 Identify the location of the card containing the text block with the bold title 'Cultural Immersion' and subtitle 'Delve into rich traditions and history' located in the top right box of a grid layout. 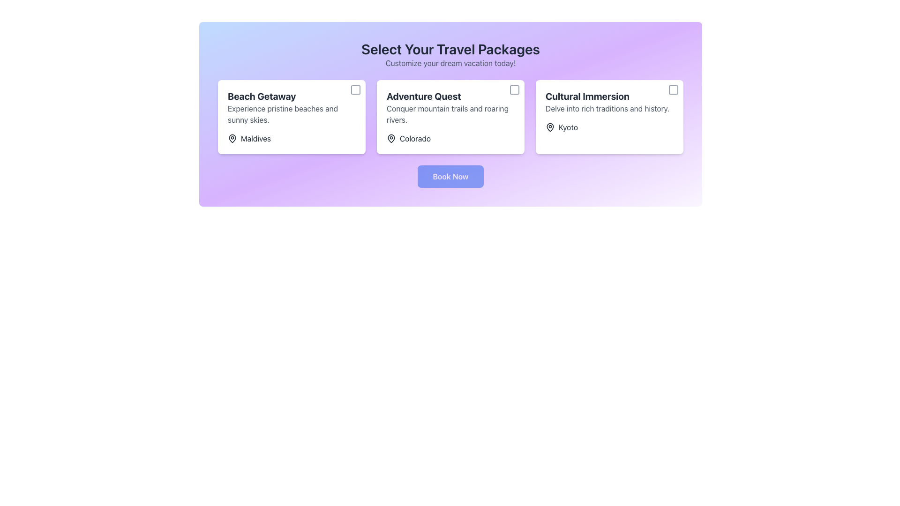
(609, 102).